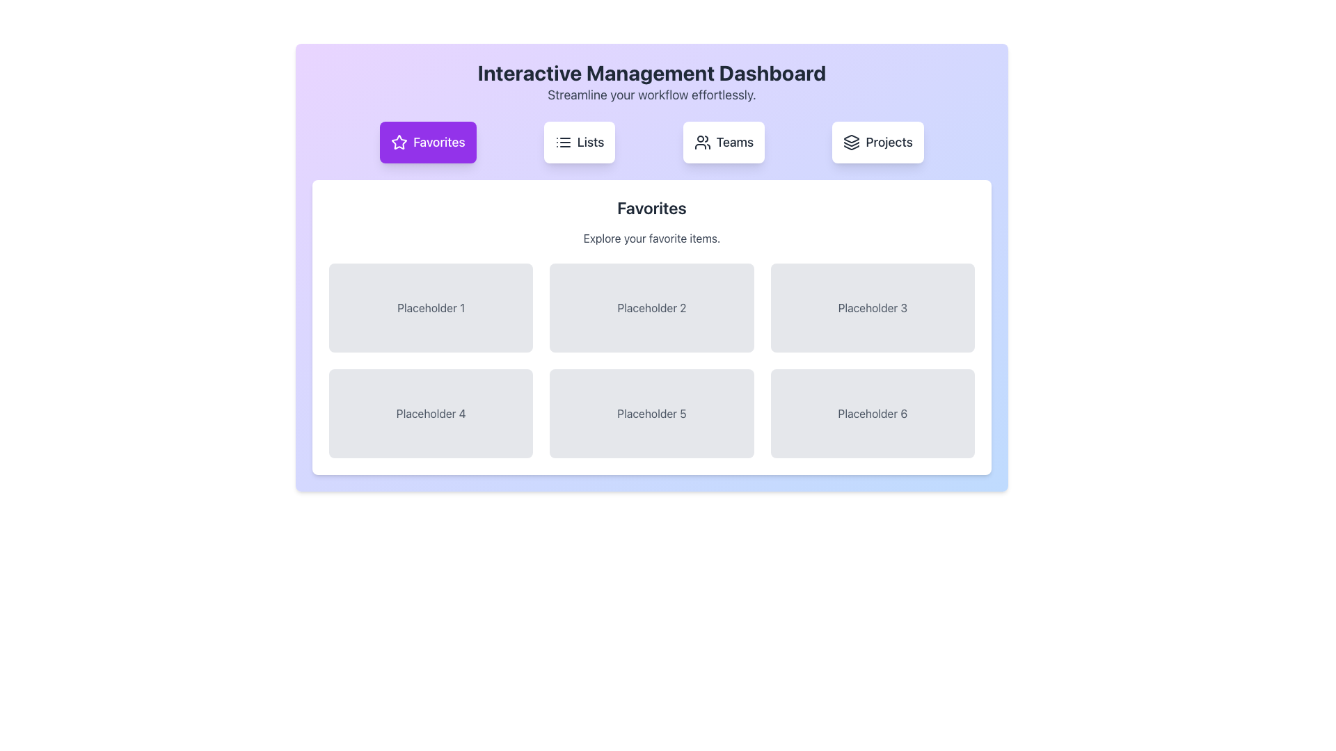 This screenshot has height=751, width=1336. What do you see at coordinates (438, 142) in the screenshot?
I see `text label indicating its functionality related to accessing the 'Favorites' section, which is part of a purple button located near the top-left portion of the interface, adjacent to other buttons like 'Lists', 'Teams', and 'Projects'` at bounding box center [438, 142].